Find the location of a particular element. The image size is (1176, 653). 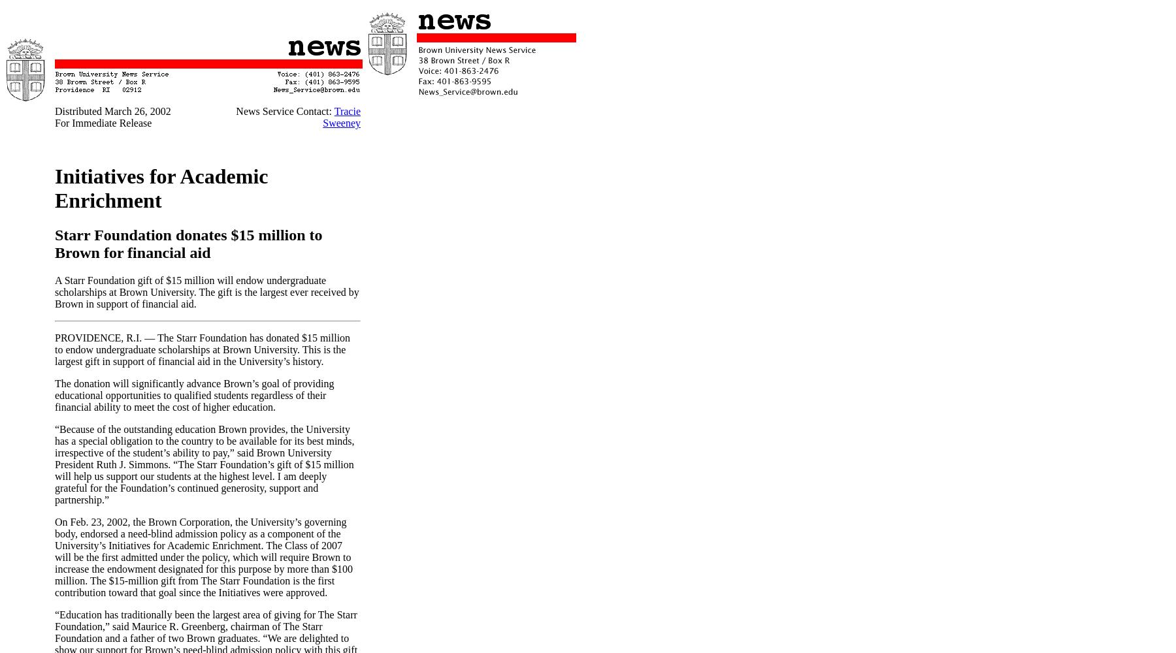

'News Service Contact:' is located at coordinates (284, 111).